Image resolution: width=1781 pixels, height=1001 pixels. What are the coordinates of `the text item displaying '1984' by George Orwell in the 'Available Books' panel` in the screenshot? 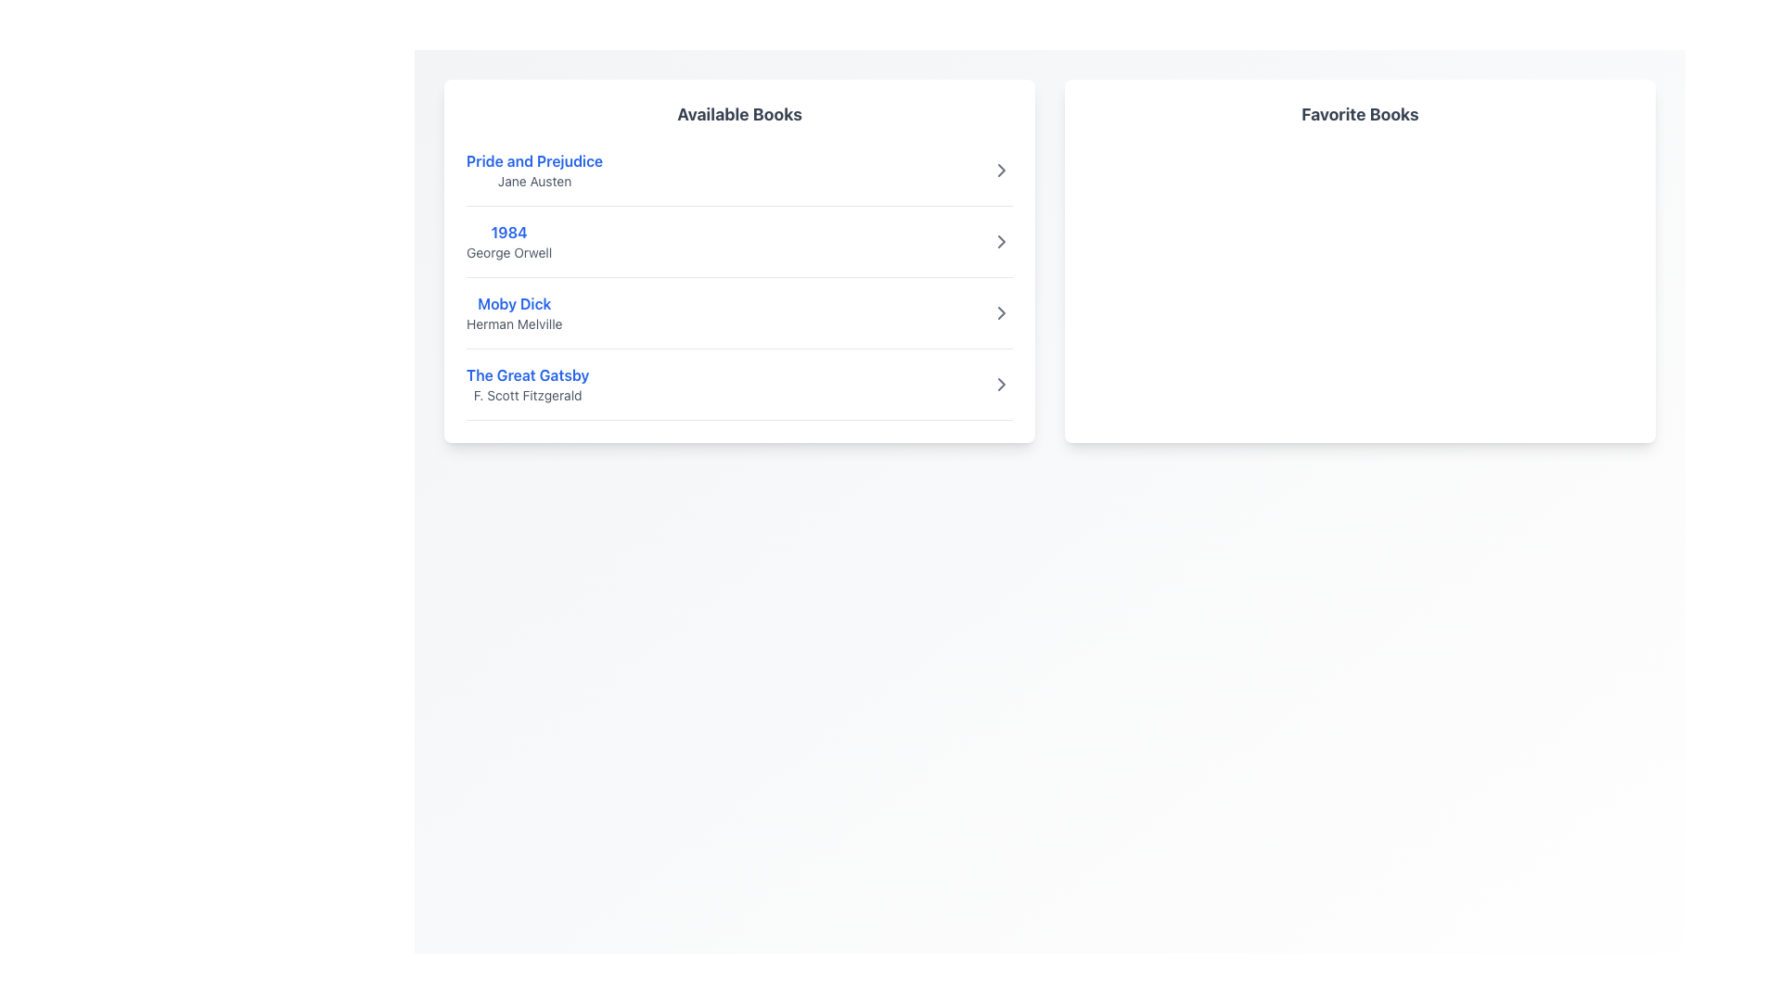 It's located at (509, 241).